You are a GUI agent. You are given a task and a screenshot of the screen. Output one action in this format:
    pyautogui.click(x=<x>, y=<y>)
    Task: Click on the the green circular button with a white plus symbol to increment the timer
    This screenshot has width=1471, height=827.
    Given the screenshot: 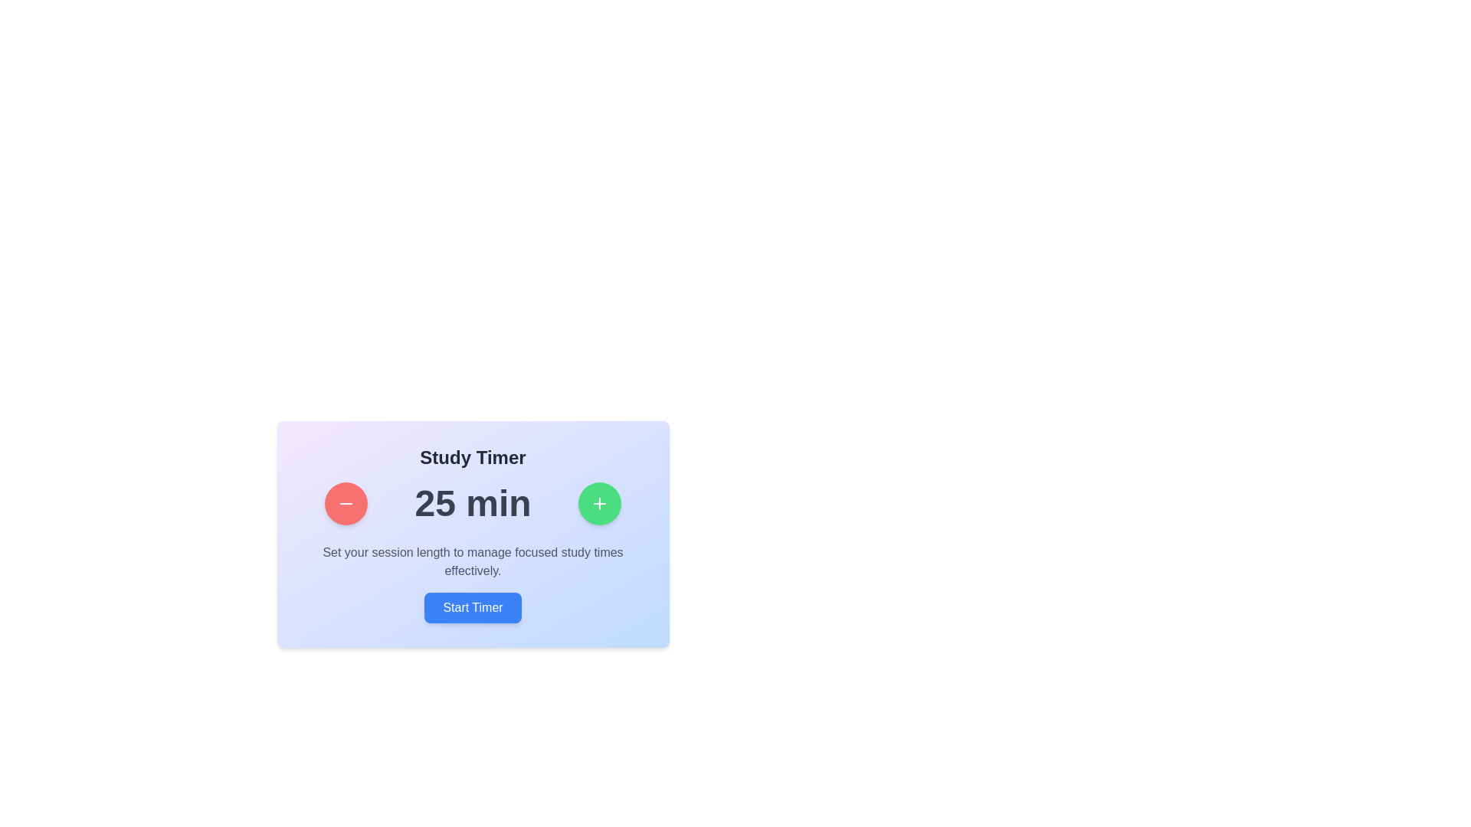 What is the action you would take?
    pyautogui.click(x=598, y=504)
    